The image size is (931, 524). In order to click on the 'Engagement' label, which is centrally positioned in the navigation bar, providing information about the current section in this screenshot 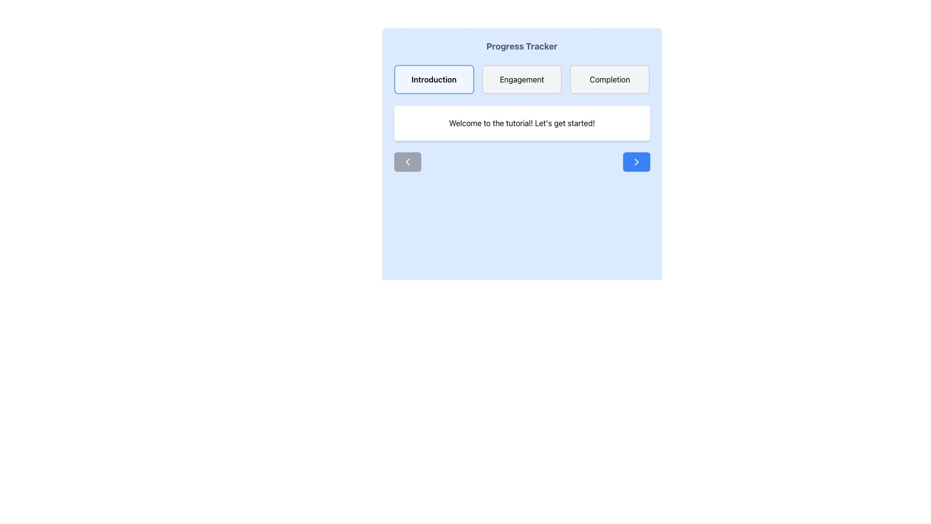, I will do `click(521, 79)`.